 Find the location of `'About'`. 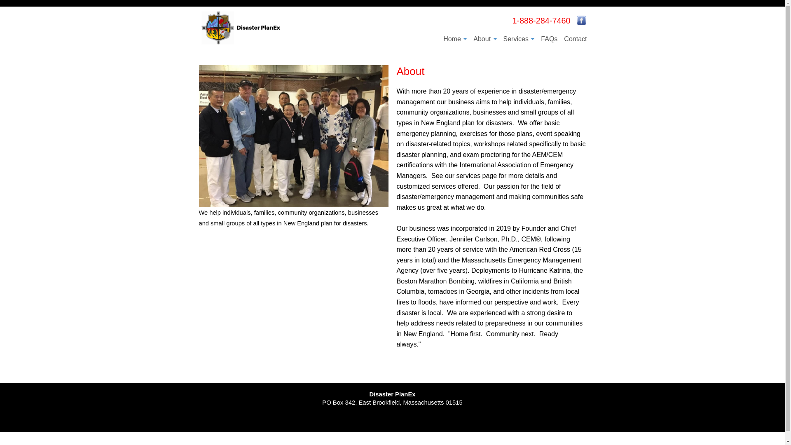

'About' is located at coordinates (484, 38).